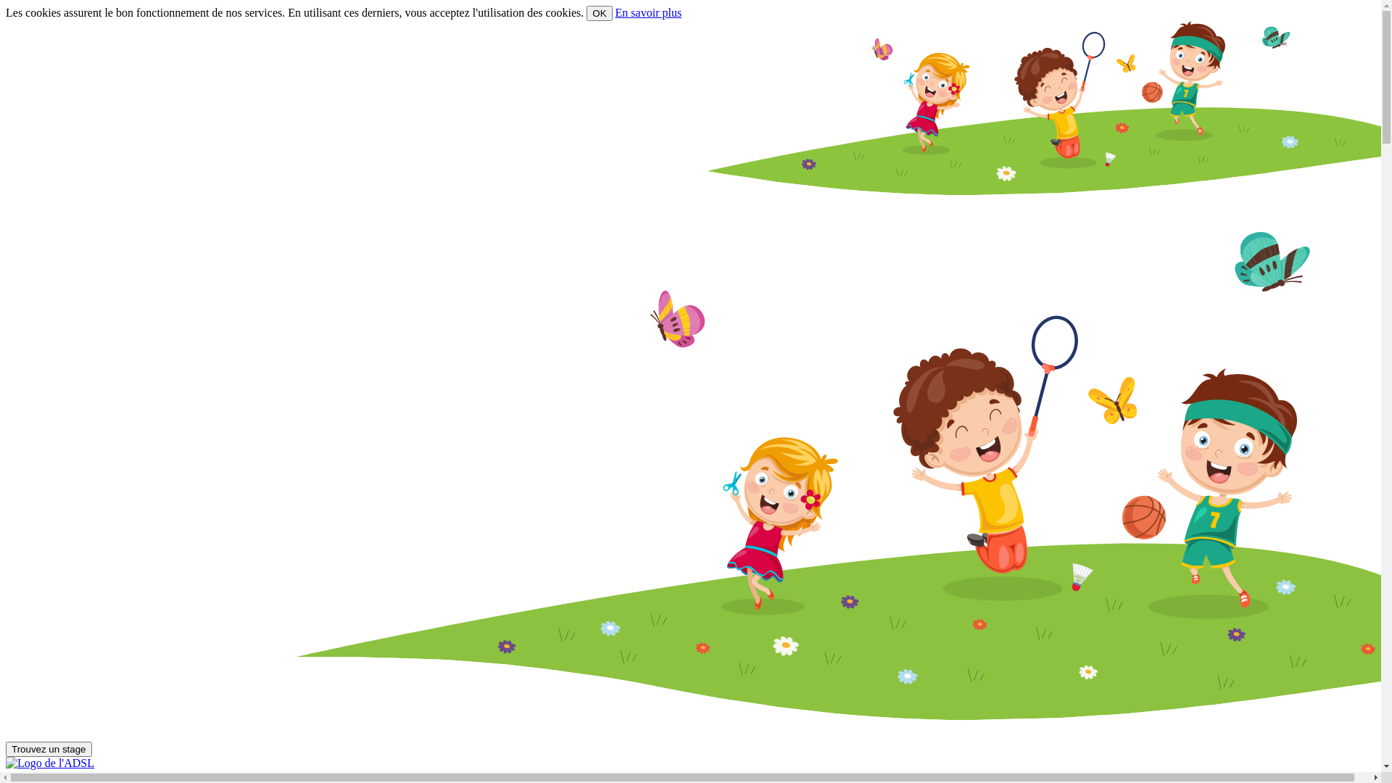  What do you see at coordinates (647, 12) in the screenshot?
I see `'En savoir plus'` at bounding box center [647, 12].